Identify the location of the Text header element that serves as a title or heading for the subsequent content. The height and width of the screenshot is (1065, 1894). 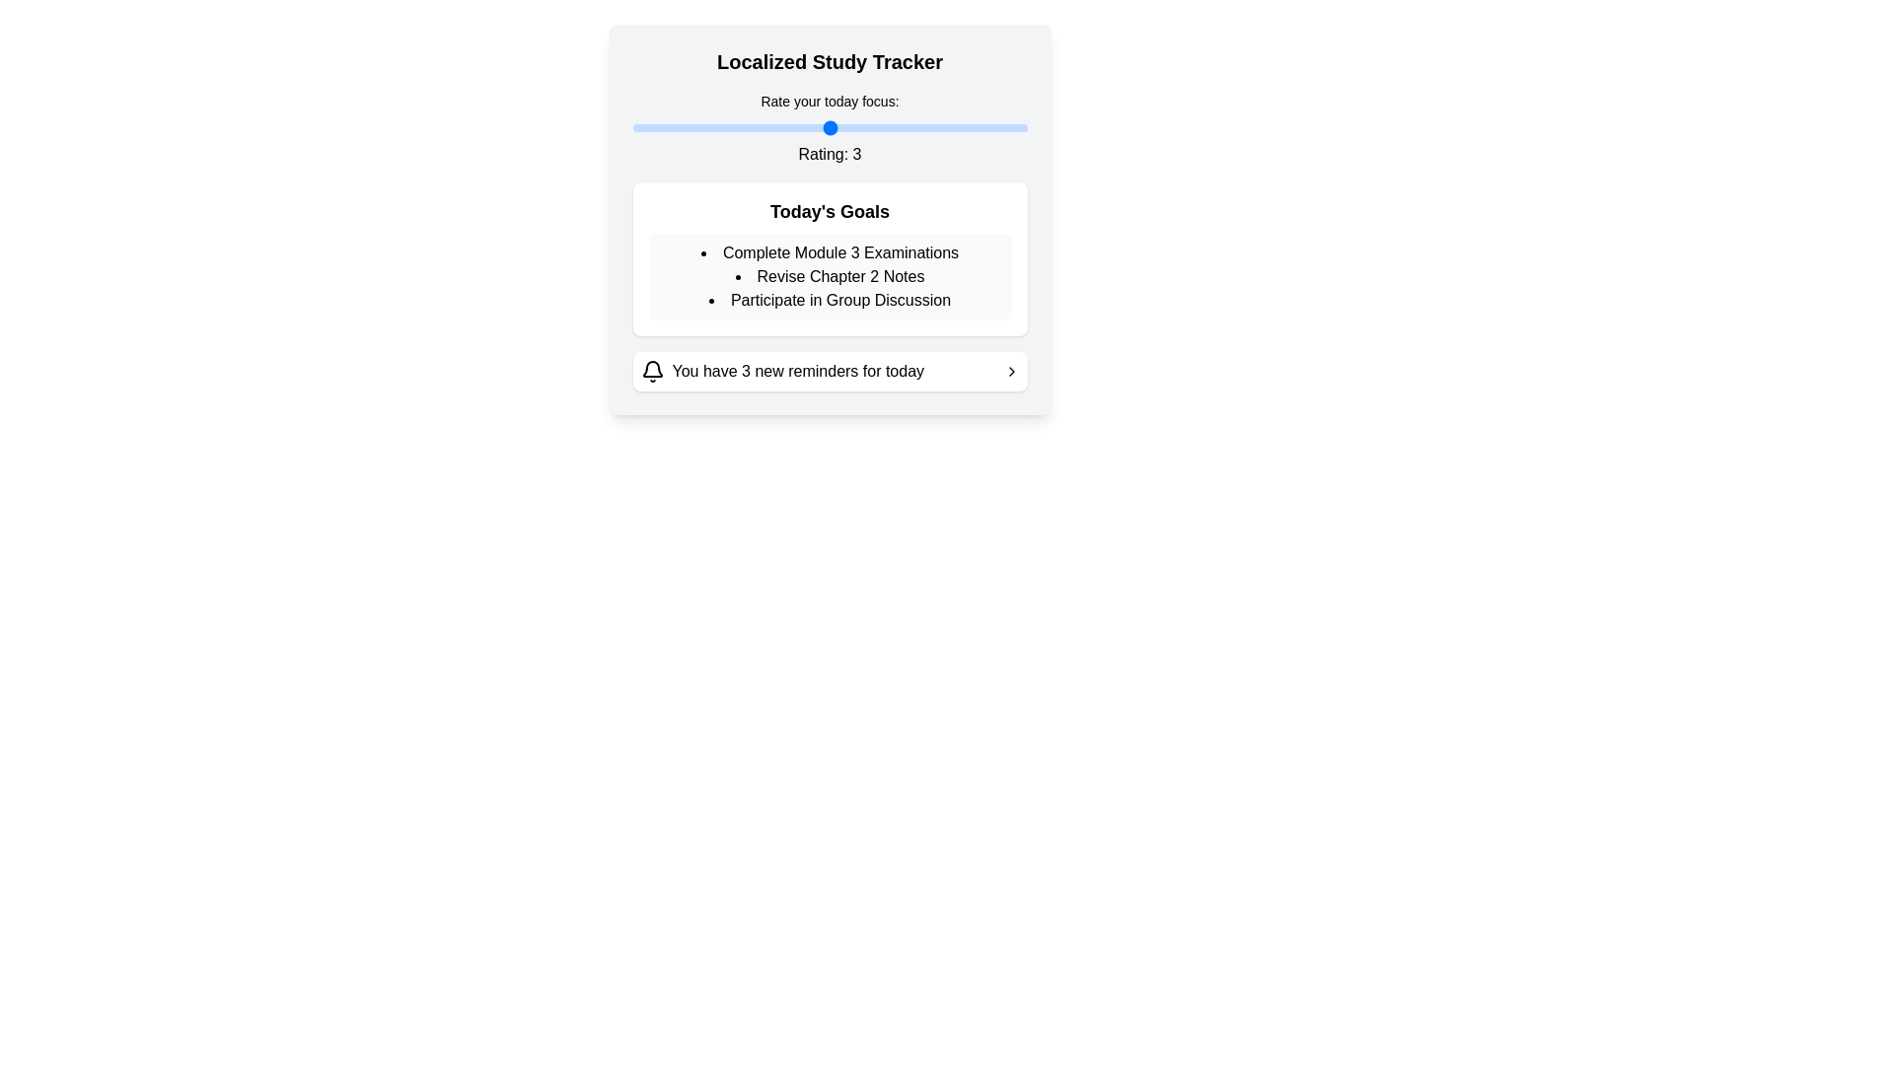
(830, 212).